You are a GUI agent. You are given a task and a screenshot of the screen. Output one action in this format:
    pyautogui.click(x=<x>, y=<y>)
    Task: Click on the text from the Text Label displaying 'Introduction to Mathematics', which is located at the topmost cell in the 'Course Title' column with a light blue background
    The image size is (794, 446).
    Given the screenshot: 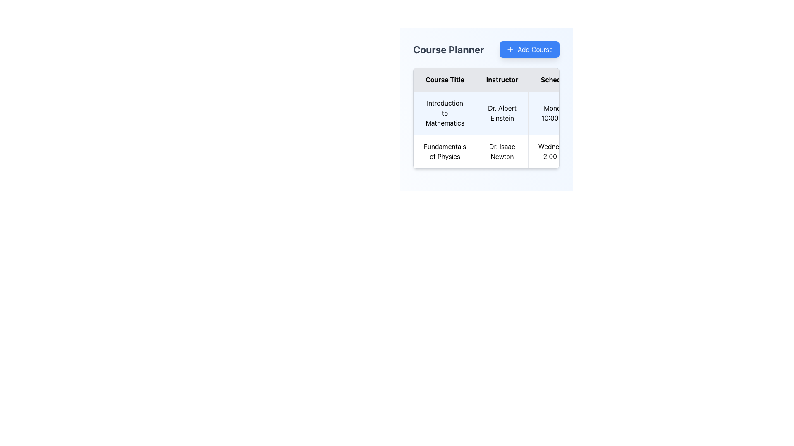 What is the action you would take?
    pyautogui.click(x=445, y=113)
    